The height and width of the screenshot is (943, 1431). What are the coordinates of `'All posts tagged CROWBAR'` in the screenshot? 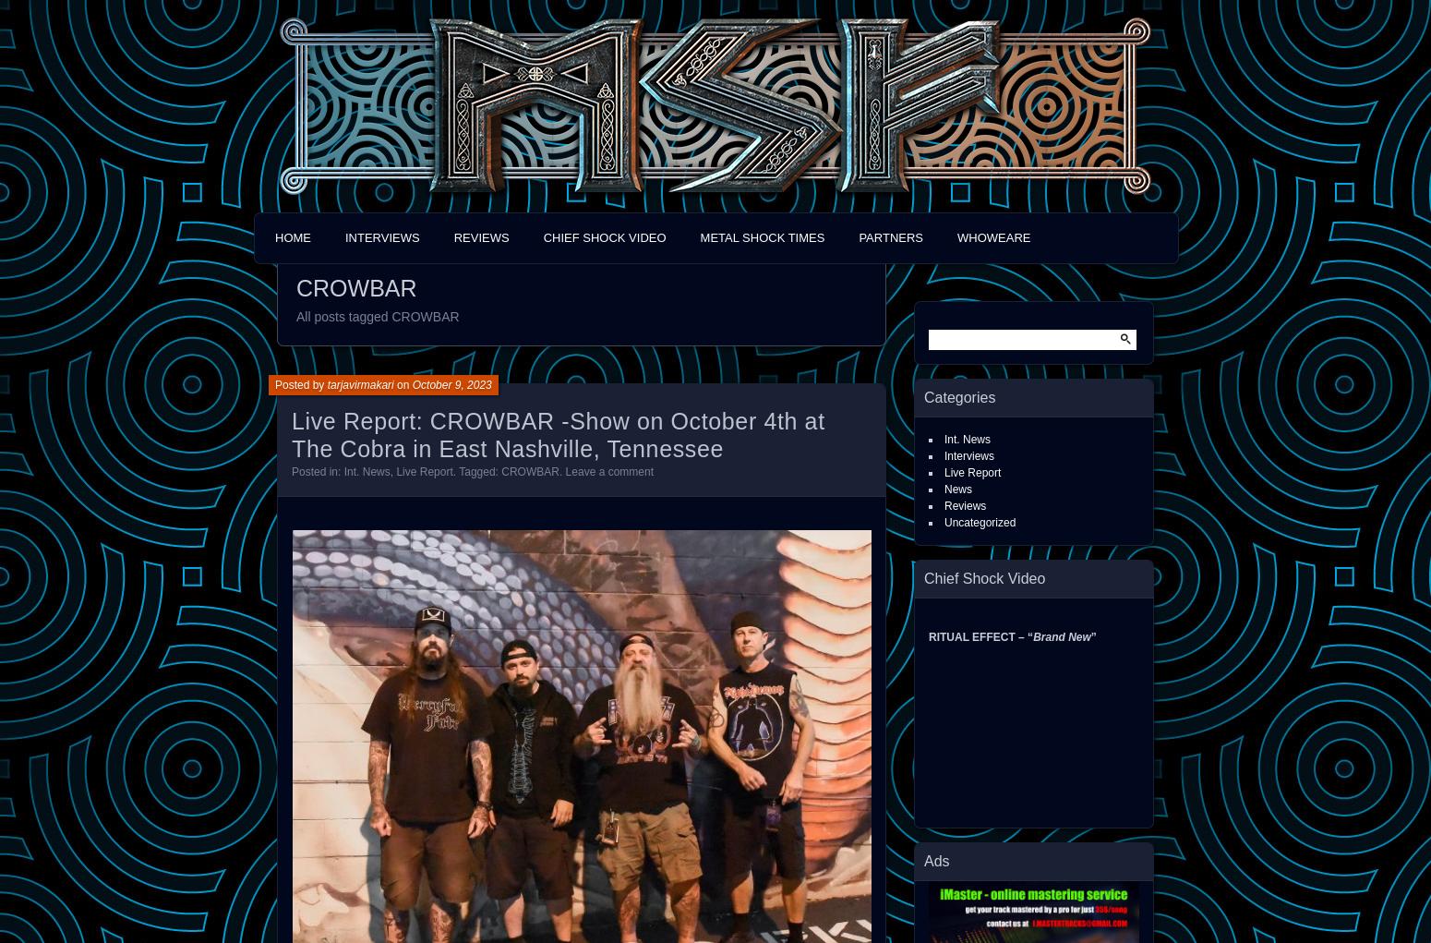 It's located at (378, 315).